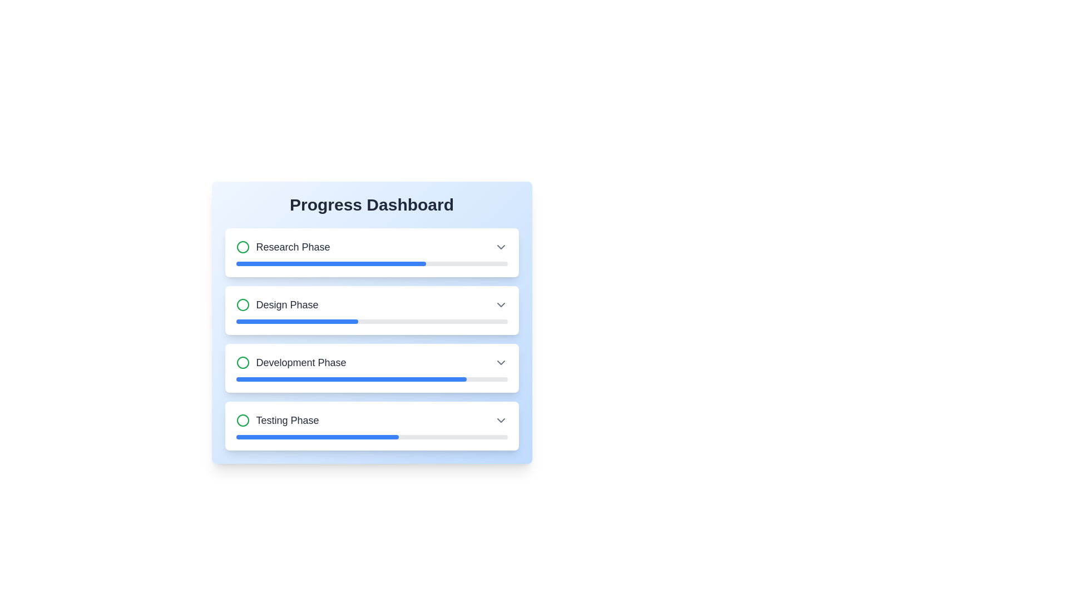 The image size is (1068, 600). I want to click on the circular icon representing the 'Development Phase' status within the dashboard's progress indicators, so click(242, 362).